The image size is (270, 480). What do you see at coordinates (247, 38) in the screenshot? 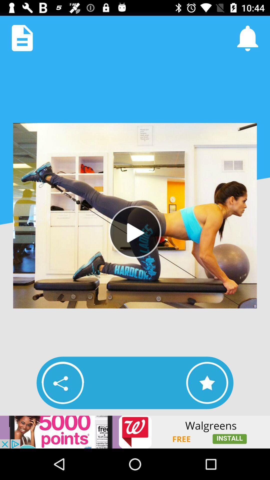
I see `enable notifications` at bounding box center [247, 38].